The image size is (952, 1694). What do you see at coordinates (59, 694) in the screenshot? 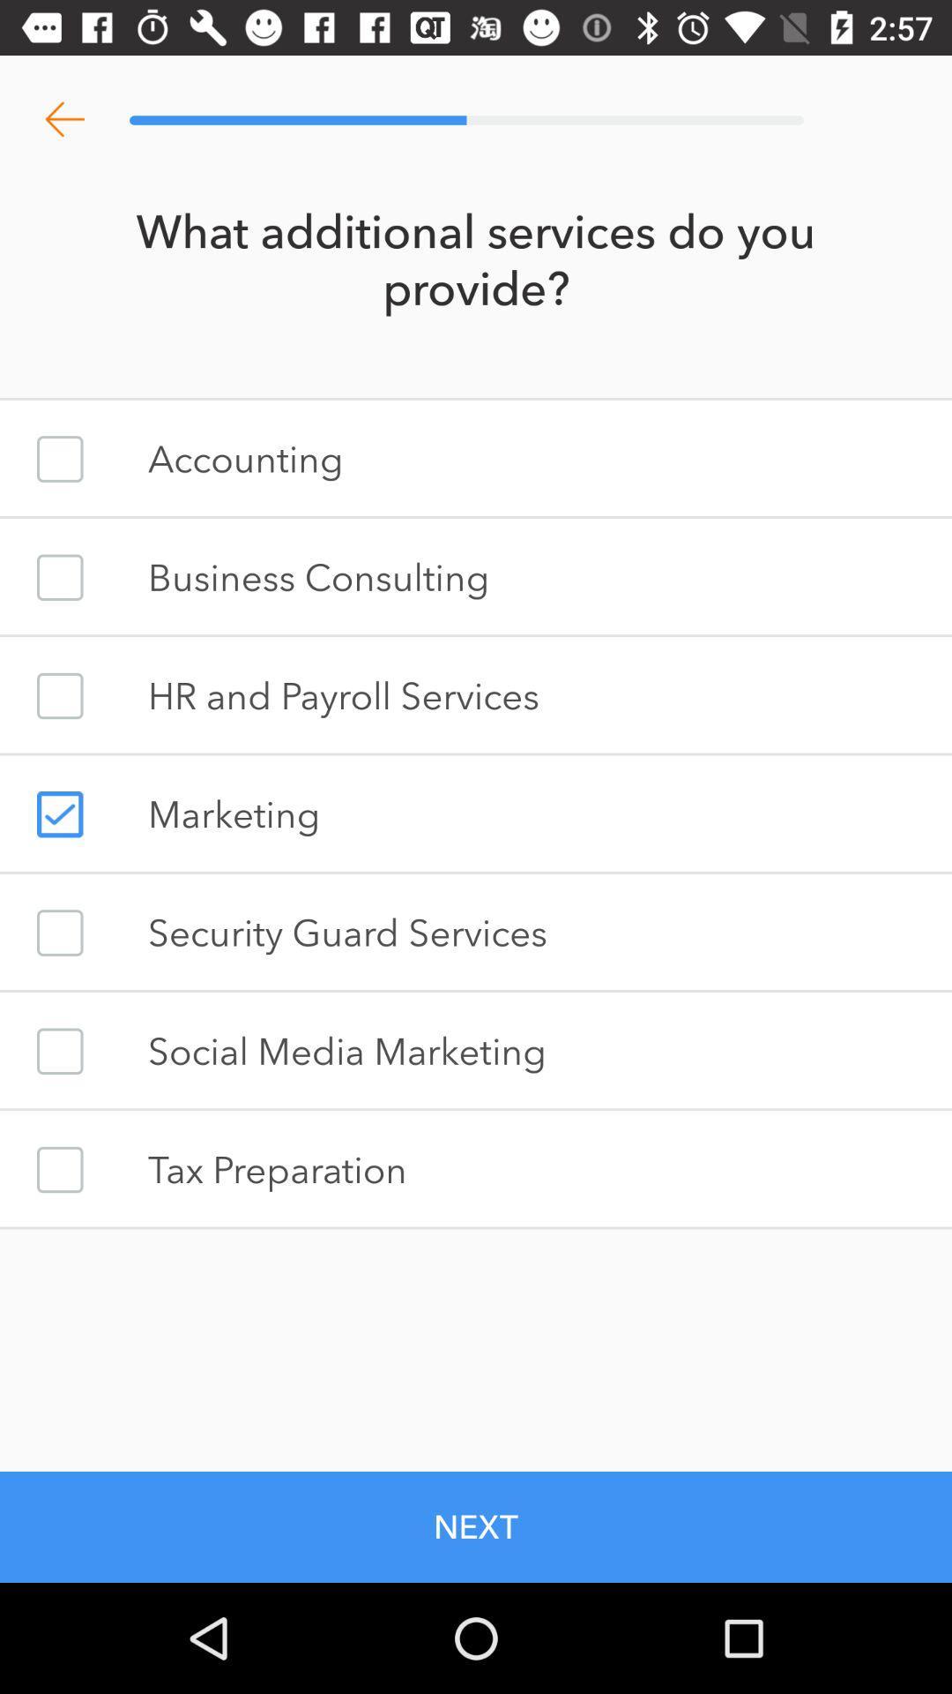
I see `checkbox to select service` at bounding box center [59, 694].